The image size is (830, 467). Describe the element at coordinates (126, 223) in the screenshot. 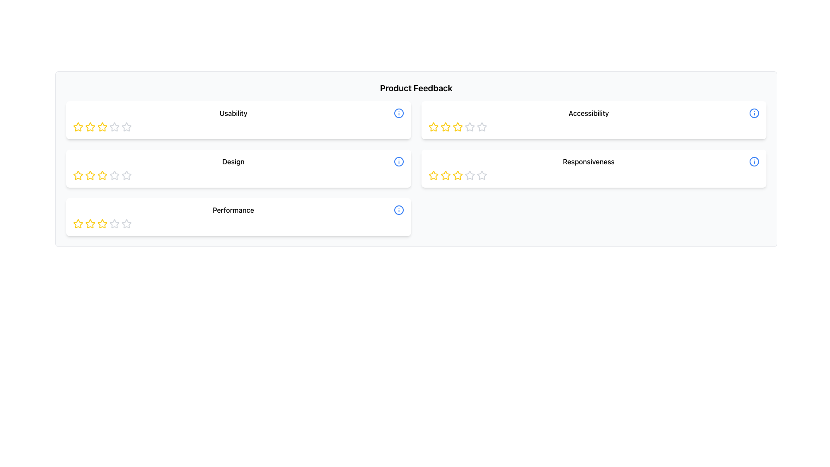

I see `the fifth star-shaped icon in the horizontal rating control under 'Performance' in the feedback form` at that location.